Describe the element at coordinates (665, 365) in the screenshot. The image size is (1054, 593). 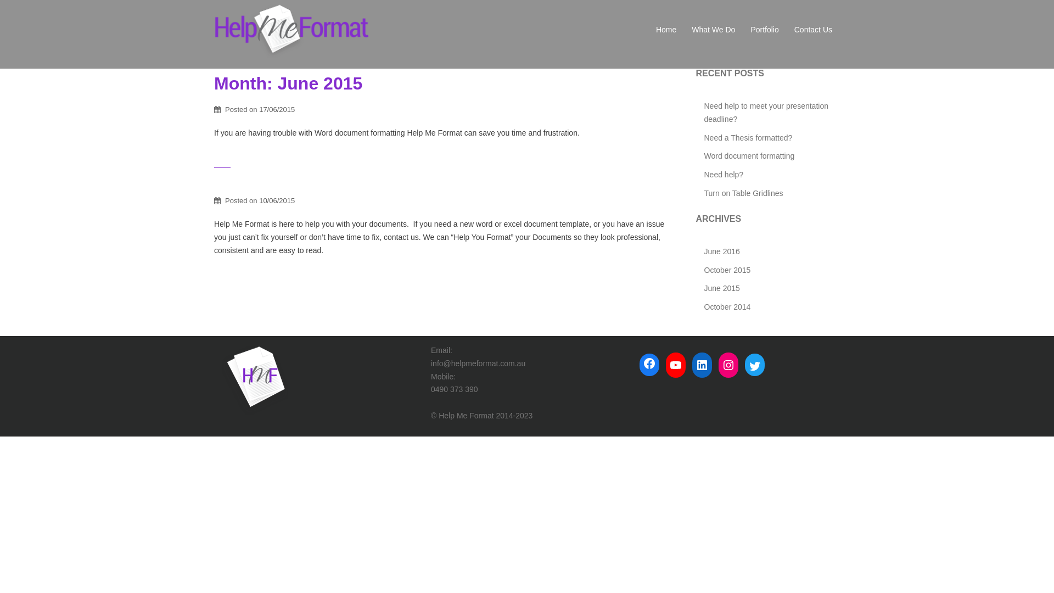
I see `'YouTube'` at that location.